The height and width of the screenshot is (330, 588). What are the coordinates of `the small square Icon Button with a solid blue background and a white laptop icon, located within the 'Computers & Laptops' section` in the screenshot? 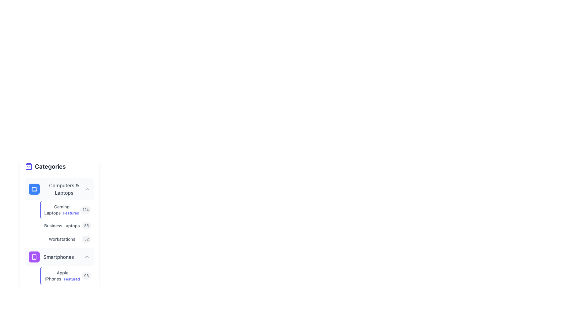 It's located at (34, 189).